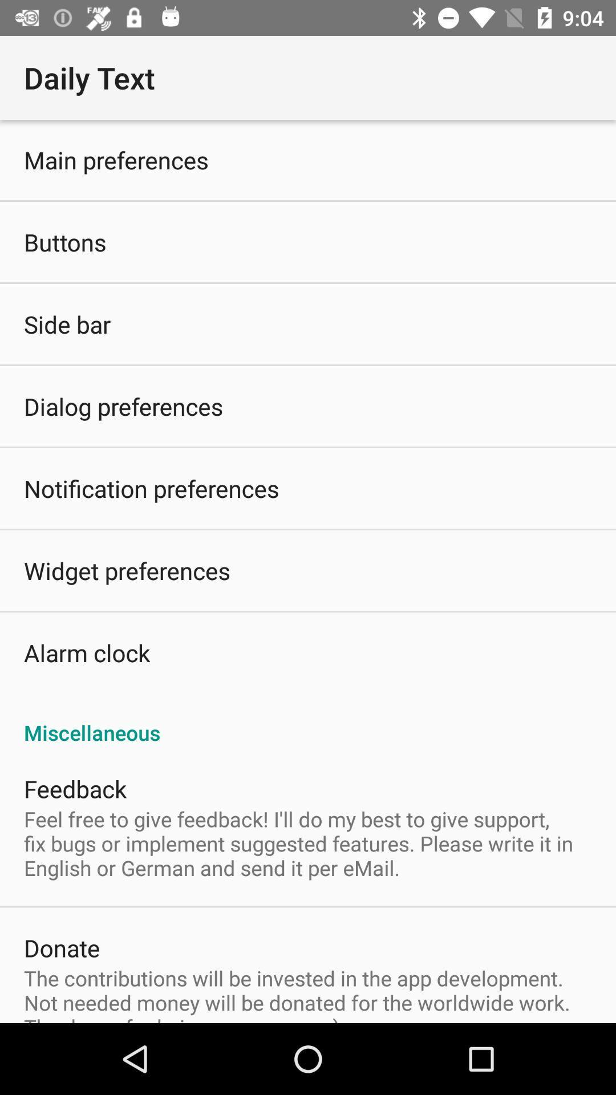 This screenshot has width=616, height=1095. What do you see at coordinates (308, 571) in the screenshot?
I see `item below the daily text item` at bounding box center [308, 571].